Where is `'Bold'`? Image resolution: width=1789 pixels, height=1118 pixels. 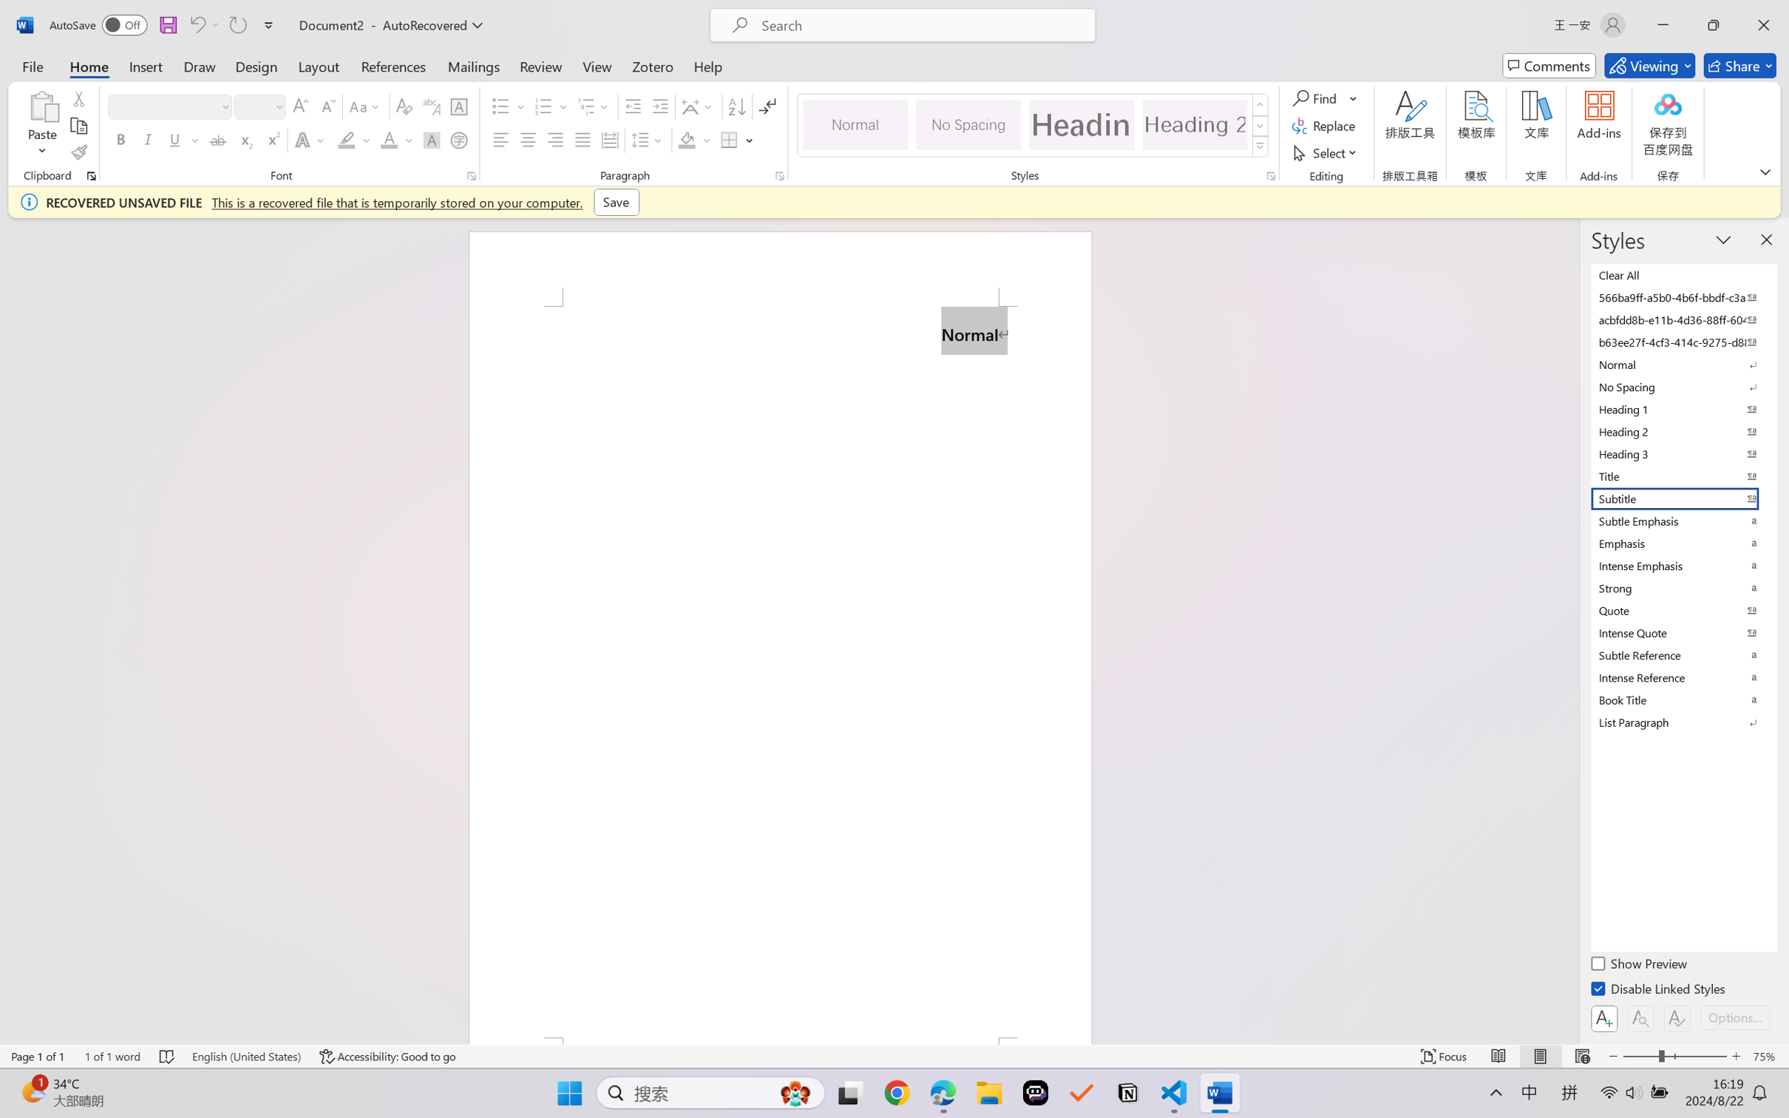
'Bold' is located at coordinates (121, 139).